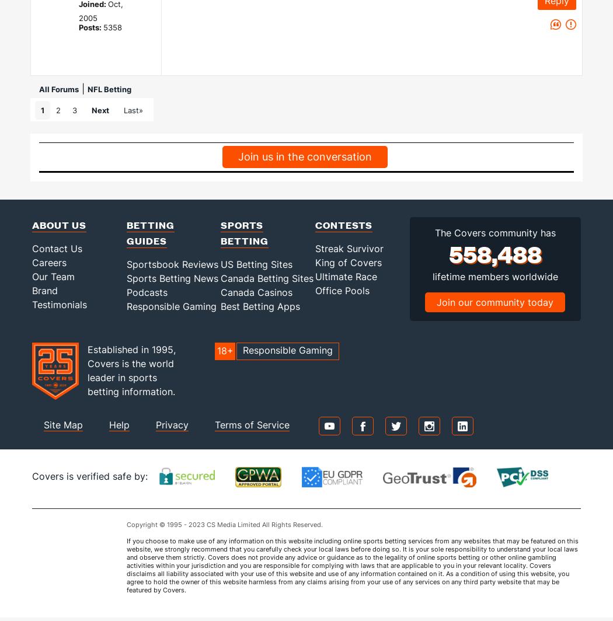 This screenshot has height=621, width=613. What do you see at coordinates (90, 26) in the screenshot?
I see `'Posts:'` at bounding box center [90, 26].